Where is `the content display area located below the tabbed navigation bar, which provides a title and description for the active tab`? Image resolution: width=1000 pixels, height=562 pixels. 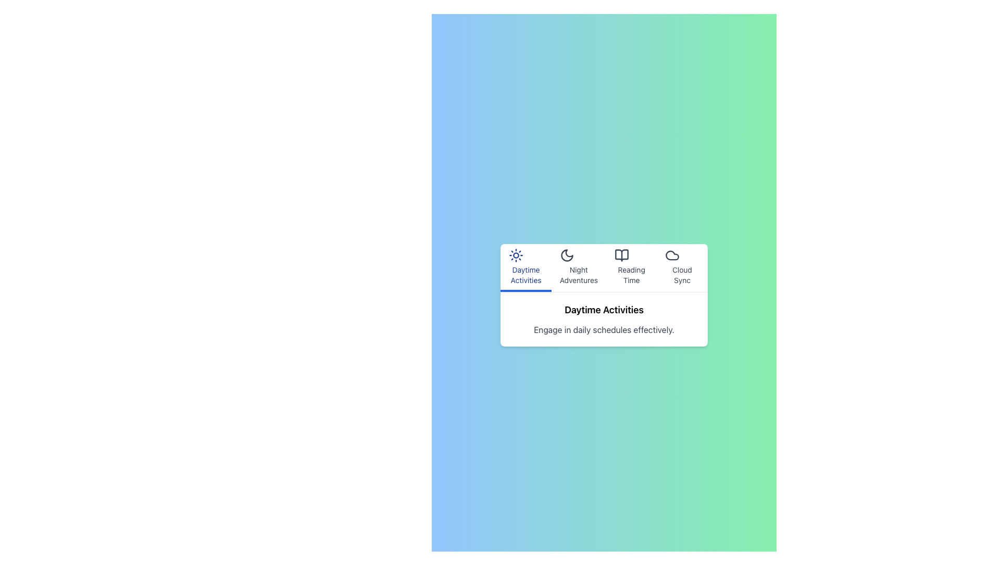 the content display area located below the tabbed navigation bar, which provides a title and description for the active tab is located at coordinates (604, 295).